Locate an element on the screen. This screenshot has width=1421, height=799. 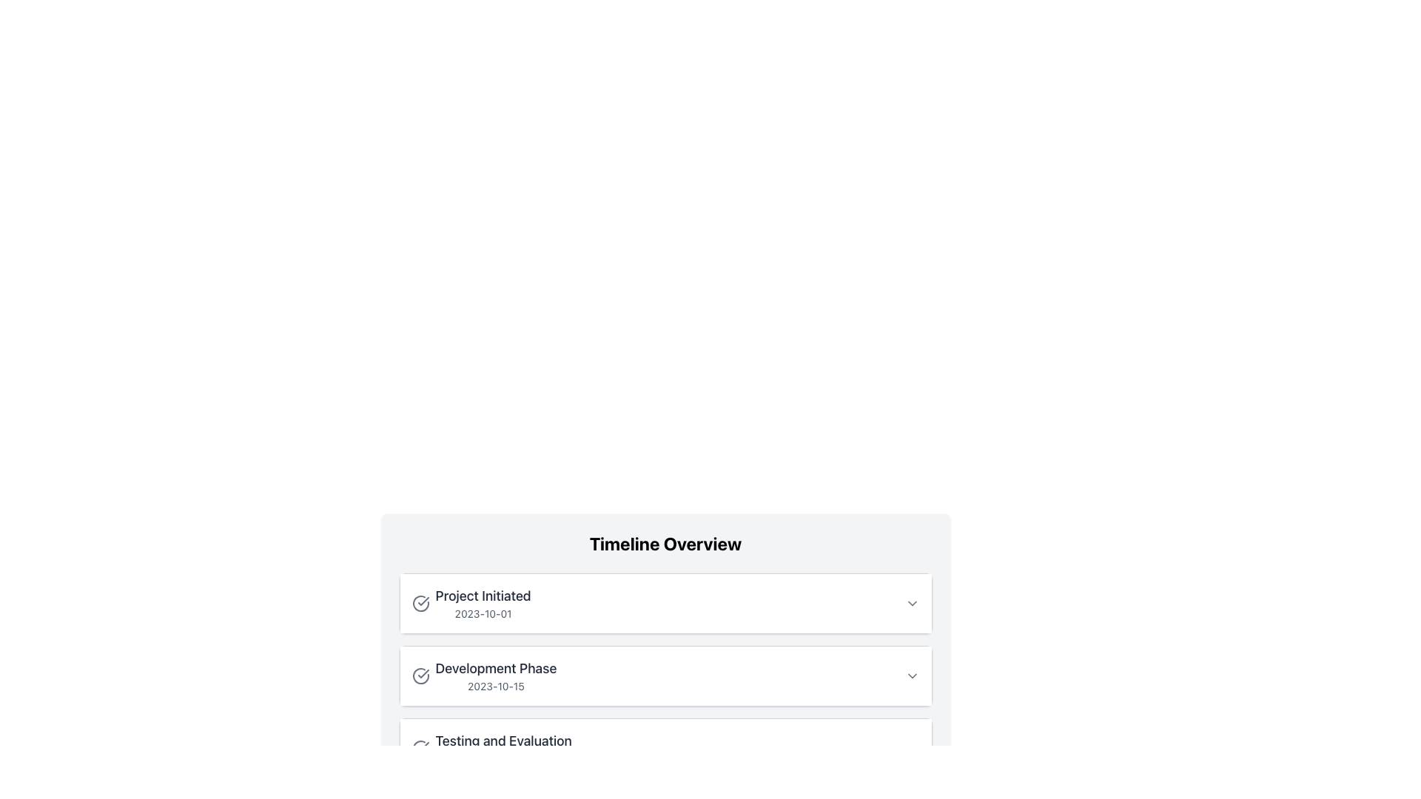
the 'Development Phase' milestone list item in the timeline overview is located at coordinates (484, 676).